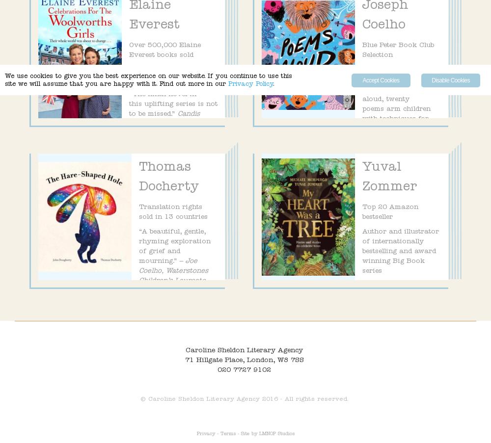 The width and height of the screenshot is (491, 443). What do you see at coordinates (414, 89) in the screenshot?
I see `'designed to be read aloud,'` at bounding box center [414, 89].